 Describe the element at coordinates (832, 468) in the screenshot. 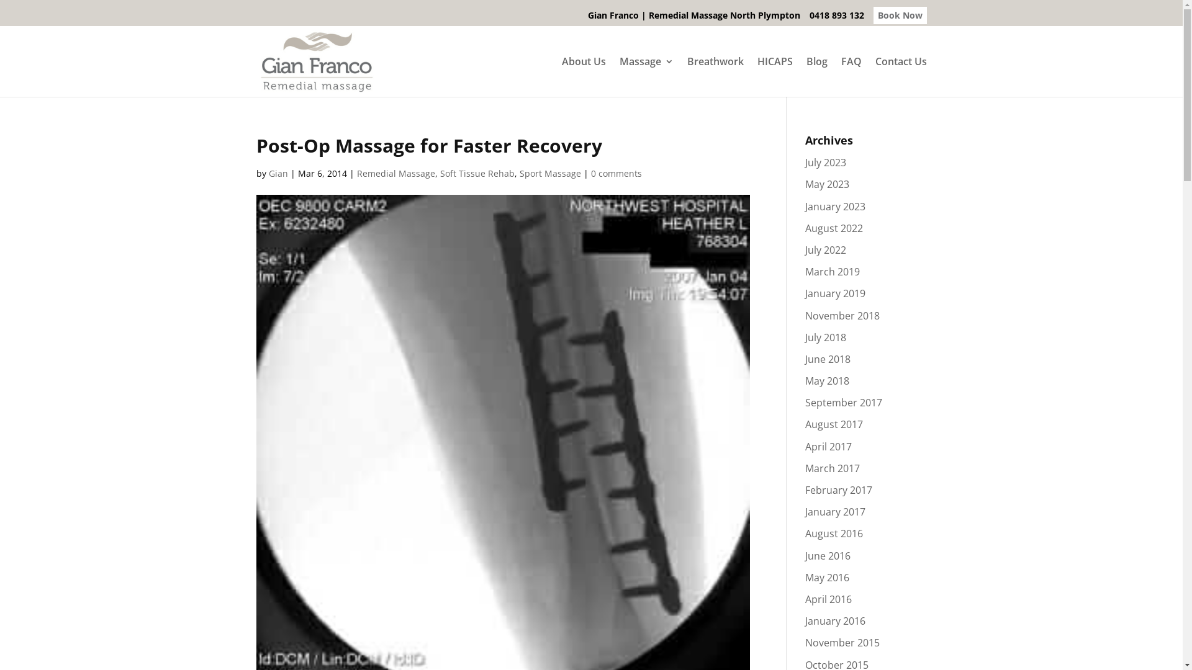

I see `'March 2017'` at that location.